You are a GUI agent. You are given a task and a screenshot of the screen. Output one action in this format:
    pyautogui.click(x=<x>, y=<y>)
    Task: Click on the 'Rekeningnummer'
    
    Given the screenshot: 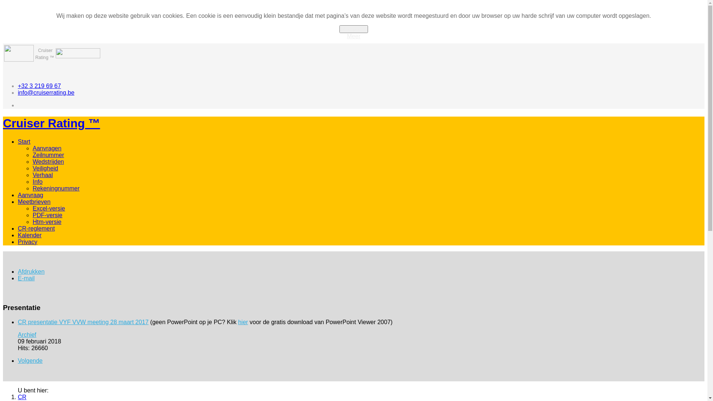 What is the action you would take?
    pyautogui.click(x=32, y=188)
    